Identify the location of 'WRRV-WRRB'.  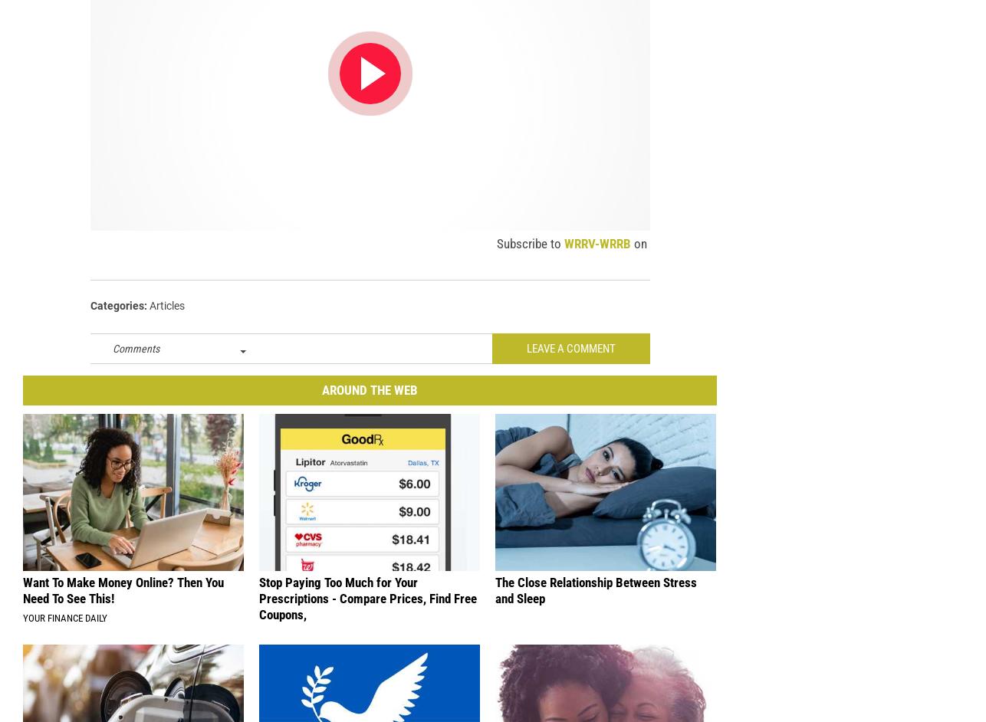
(597, 252).